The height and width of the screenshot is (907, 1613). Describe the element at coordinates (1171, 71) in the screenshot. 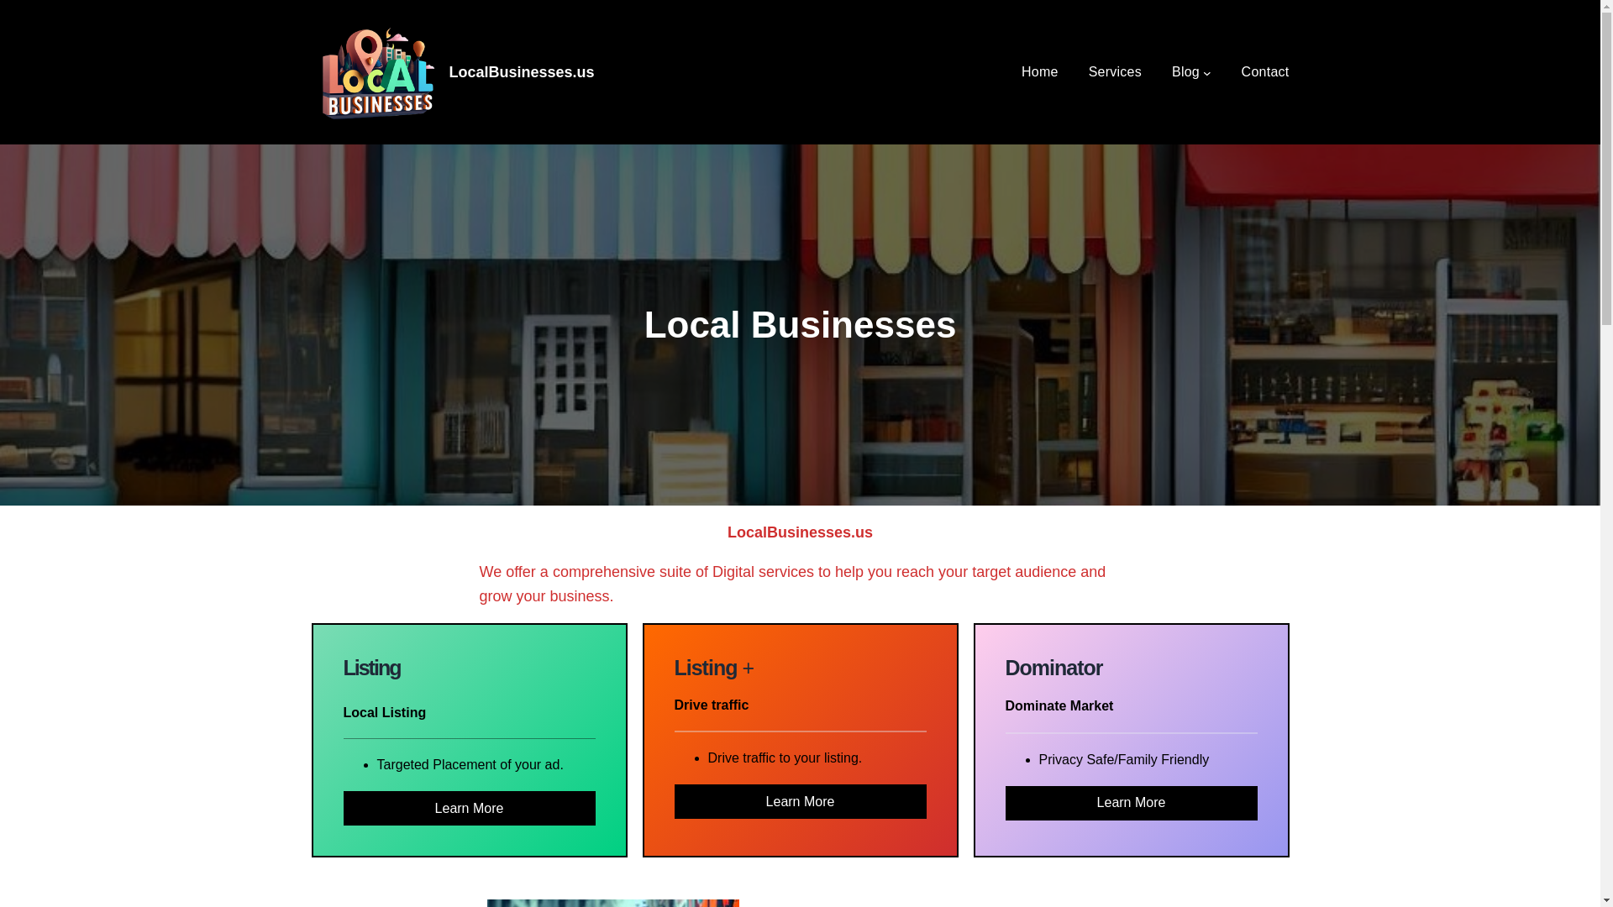

I see `'Blog'` at that location.